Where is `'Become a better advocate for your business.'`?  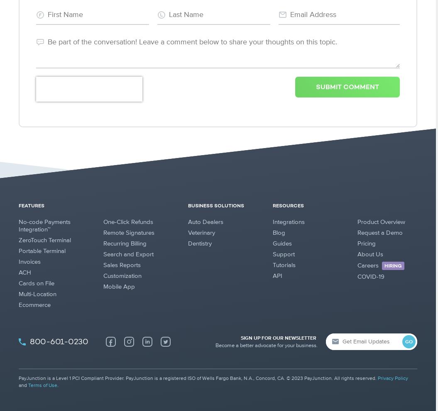
'Become a better advocate for your business.' is located at coordinates (266, 345).